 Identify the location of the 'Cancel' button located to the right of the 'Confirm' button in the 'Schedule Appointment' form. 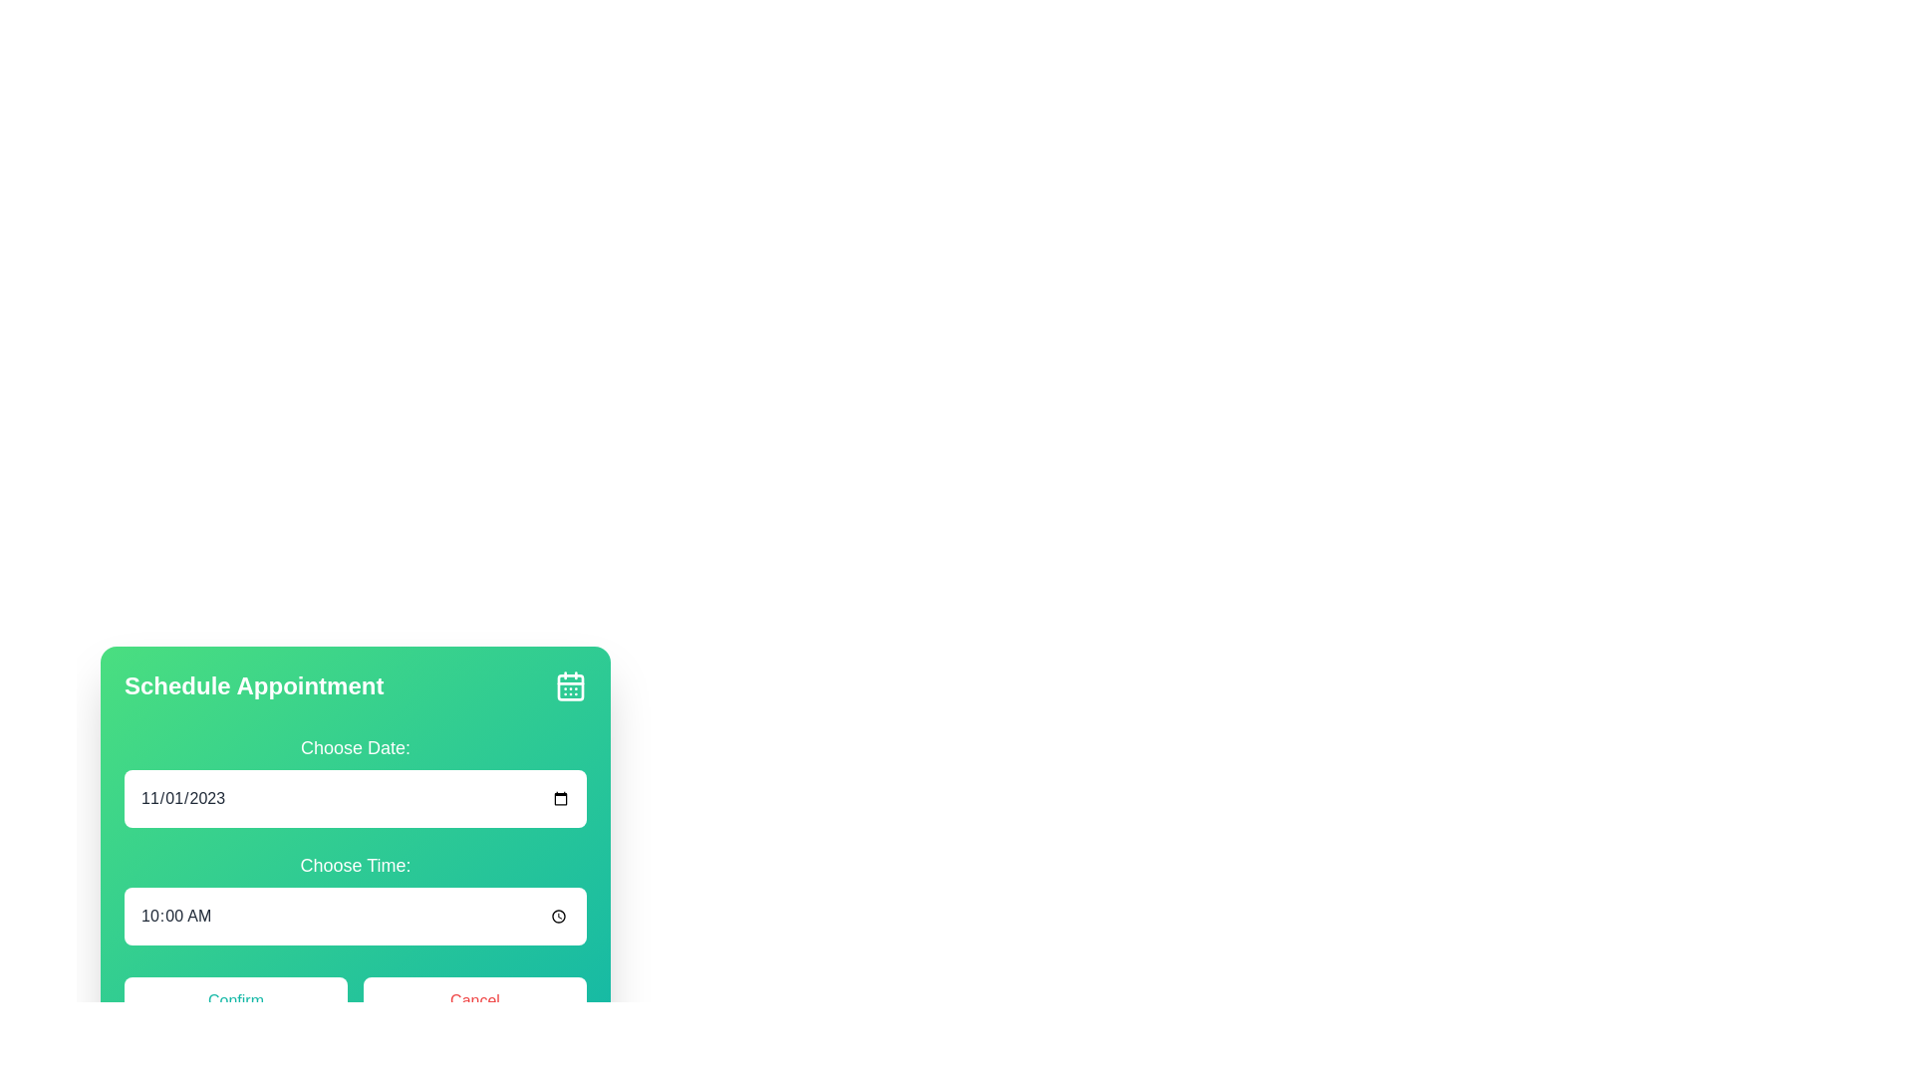
(473, 1001).